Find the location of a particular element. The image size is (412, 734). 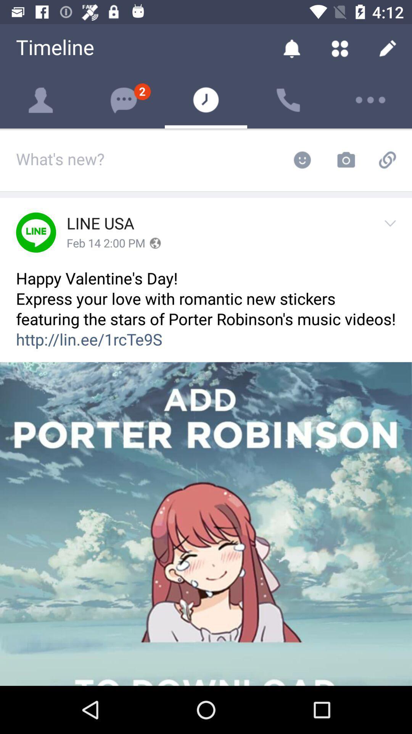

the field which says whats new is located at coordinates (148, 159).